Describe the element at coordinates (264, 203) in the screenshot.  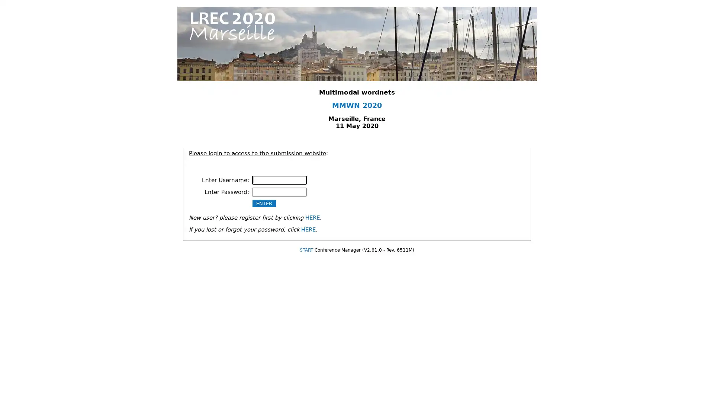
I see `ENTER` at that location.